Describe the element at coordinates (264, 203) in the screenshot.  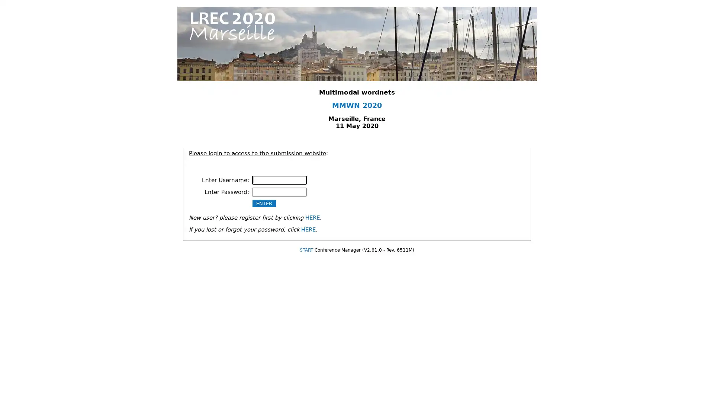
I see `ENTER` at that location.